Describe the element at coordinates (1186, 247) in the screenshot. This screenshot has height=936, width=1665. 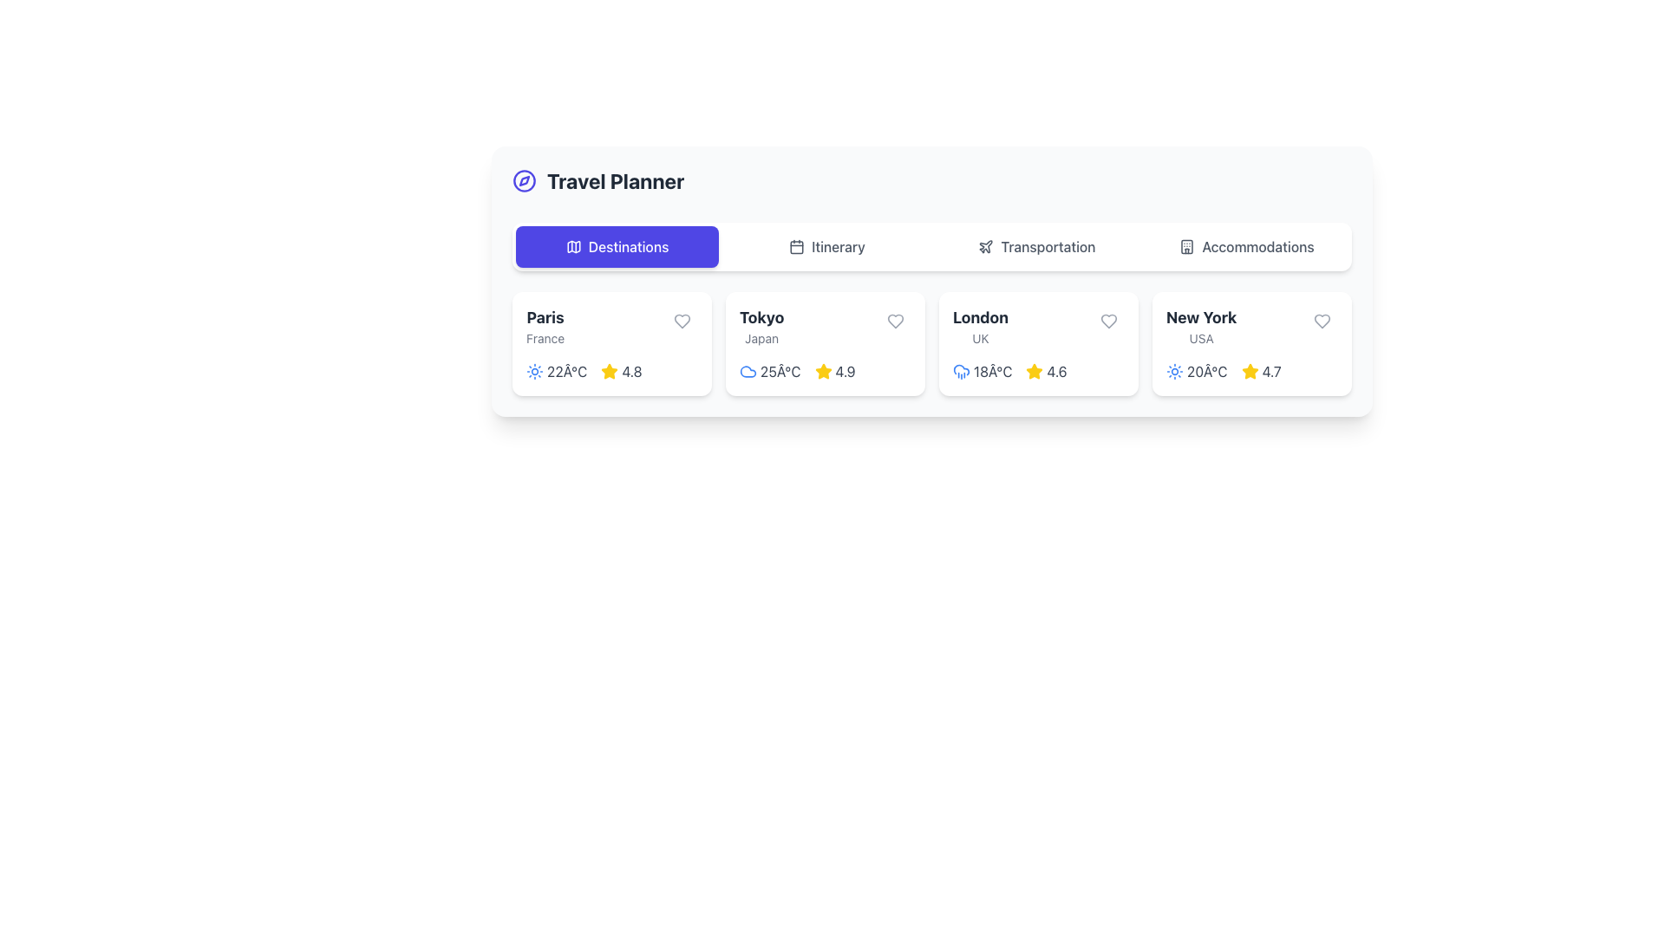
I see `the rectangle with curved corners that is part of the 'Accommodations' icon in the 'Travel Planner' tab, which is the fourth icon from the left in the horizontal navigation` at that location.